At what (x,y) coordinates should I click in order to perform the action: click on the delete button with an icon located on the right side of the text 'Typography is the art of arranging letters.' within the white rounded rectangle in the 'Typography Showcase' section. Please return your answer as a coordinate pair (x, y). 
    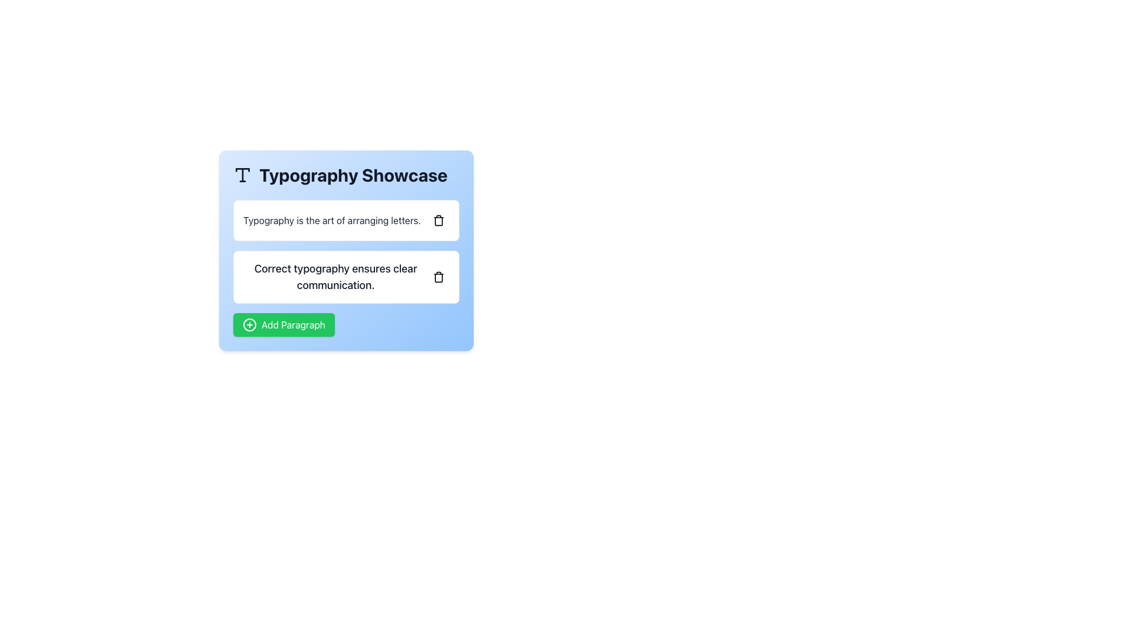
    Looking at the image, I should click on (438, 221).